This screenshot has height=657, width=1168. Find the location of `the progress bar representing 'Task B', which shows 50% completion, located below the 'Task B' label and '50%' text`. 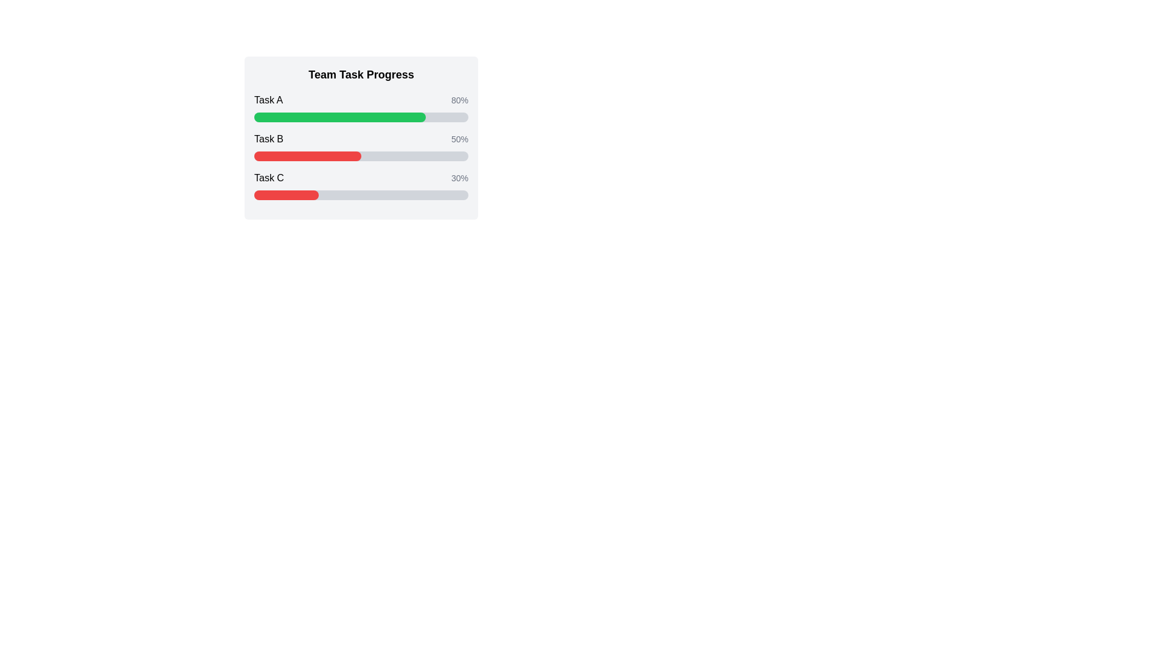

the progress bar representing 'Task B', which shows 50% completion, located below the 'Task B' label and '50%' text is located at coordinates (361, 156).